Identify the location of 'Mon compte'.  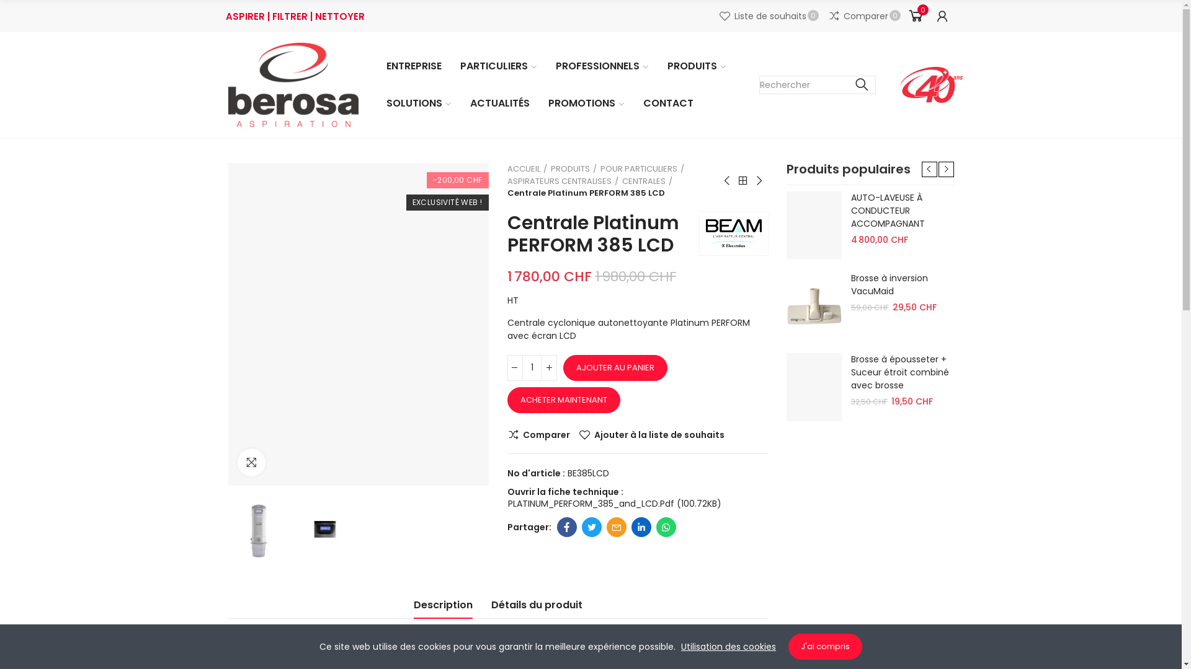
(942, 16).